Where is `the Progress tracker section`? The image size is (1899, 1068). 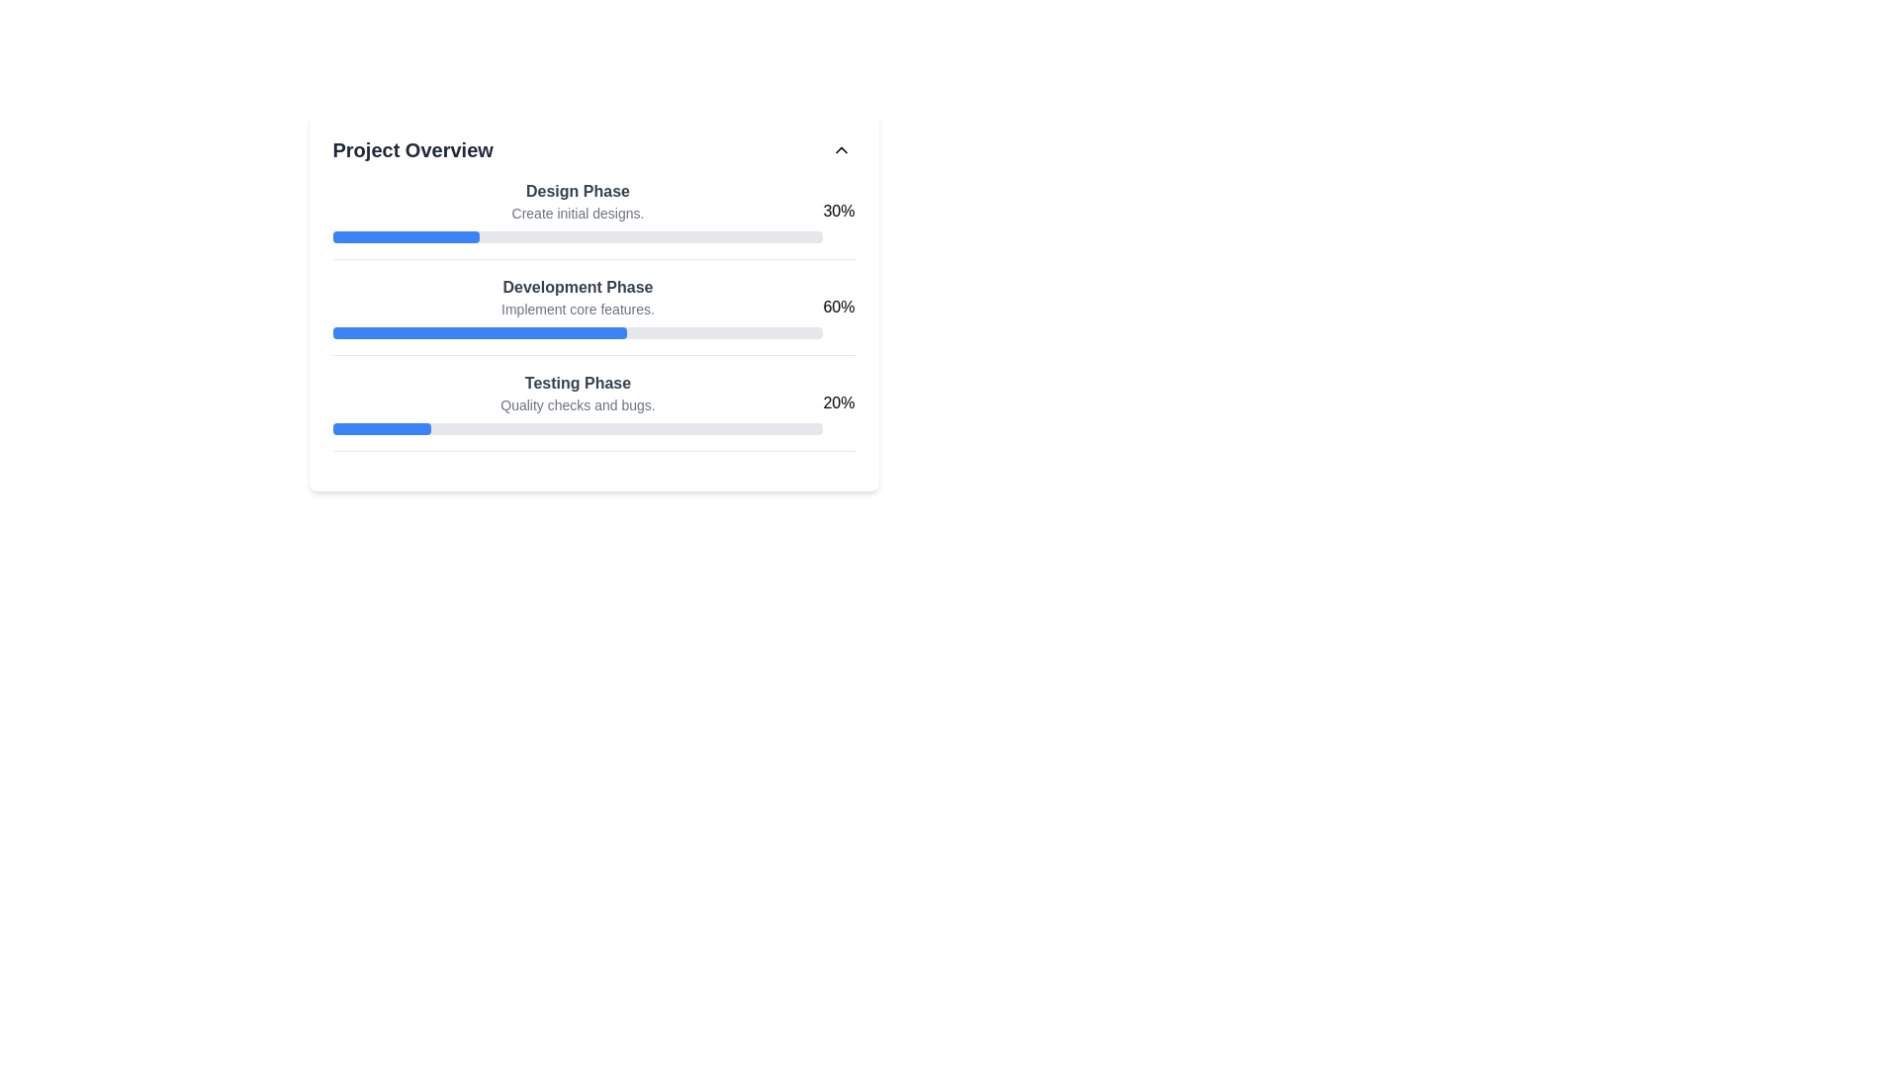
the Progress tracker section is located at coordinates (592, 314).